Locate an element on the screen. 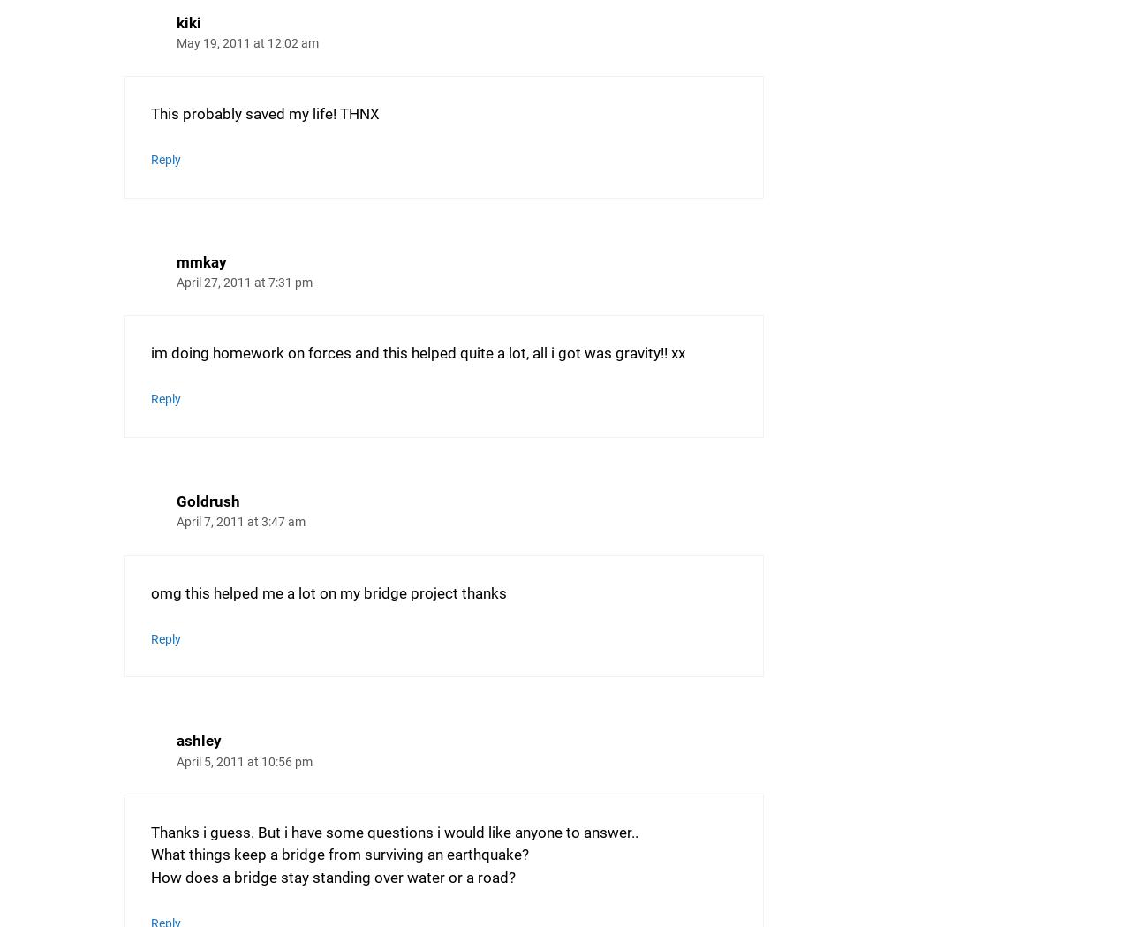 The width and height of the screenshot is (1148, 927). 'April 7, 2011 at 3:47 am' is located at coordinates (241, 521).